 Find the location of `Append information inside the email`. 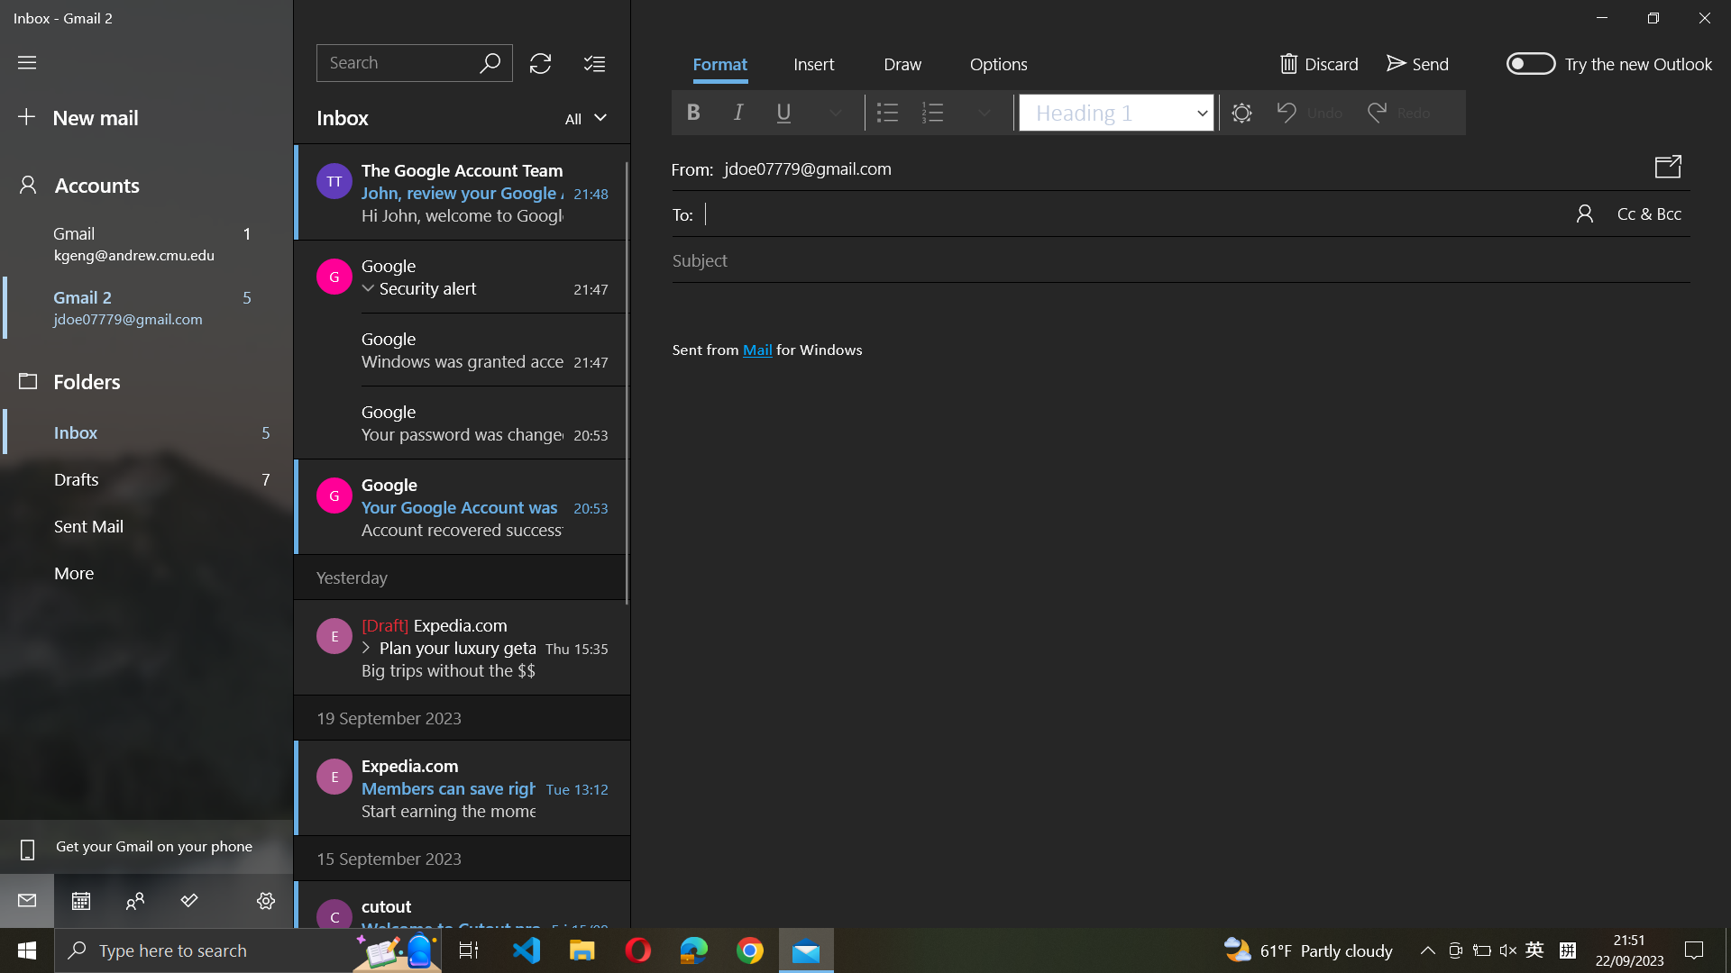

Append information inside the email is located at coordinates (812, 65).